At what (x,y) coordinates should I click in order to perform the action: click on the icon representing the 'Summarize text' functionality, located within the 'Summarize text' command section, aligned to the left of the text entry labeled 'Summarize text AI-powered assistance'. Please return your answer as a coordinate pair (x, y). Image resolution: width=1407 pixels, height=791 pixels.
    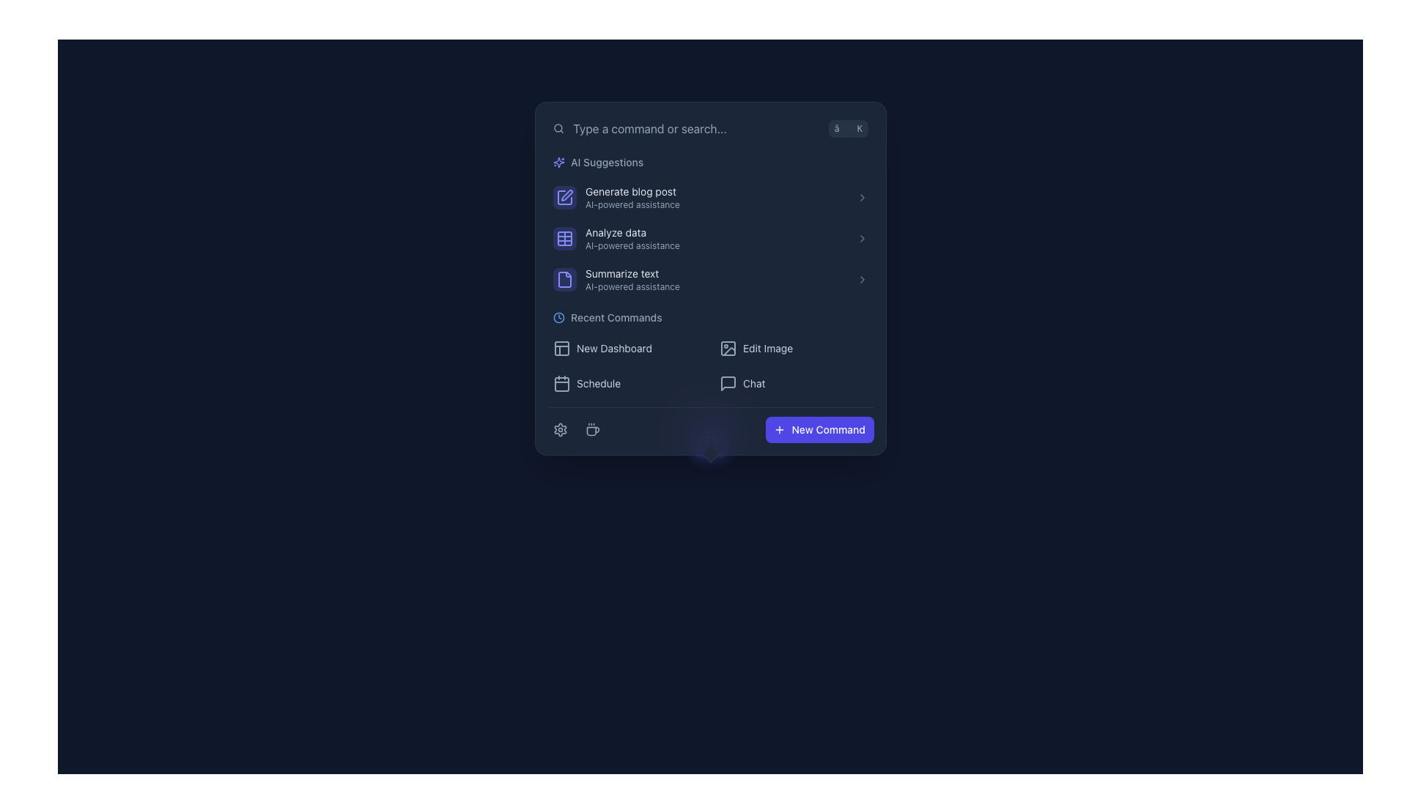
    Looking at the image, I should click on (564, 279).